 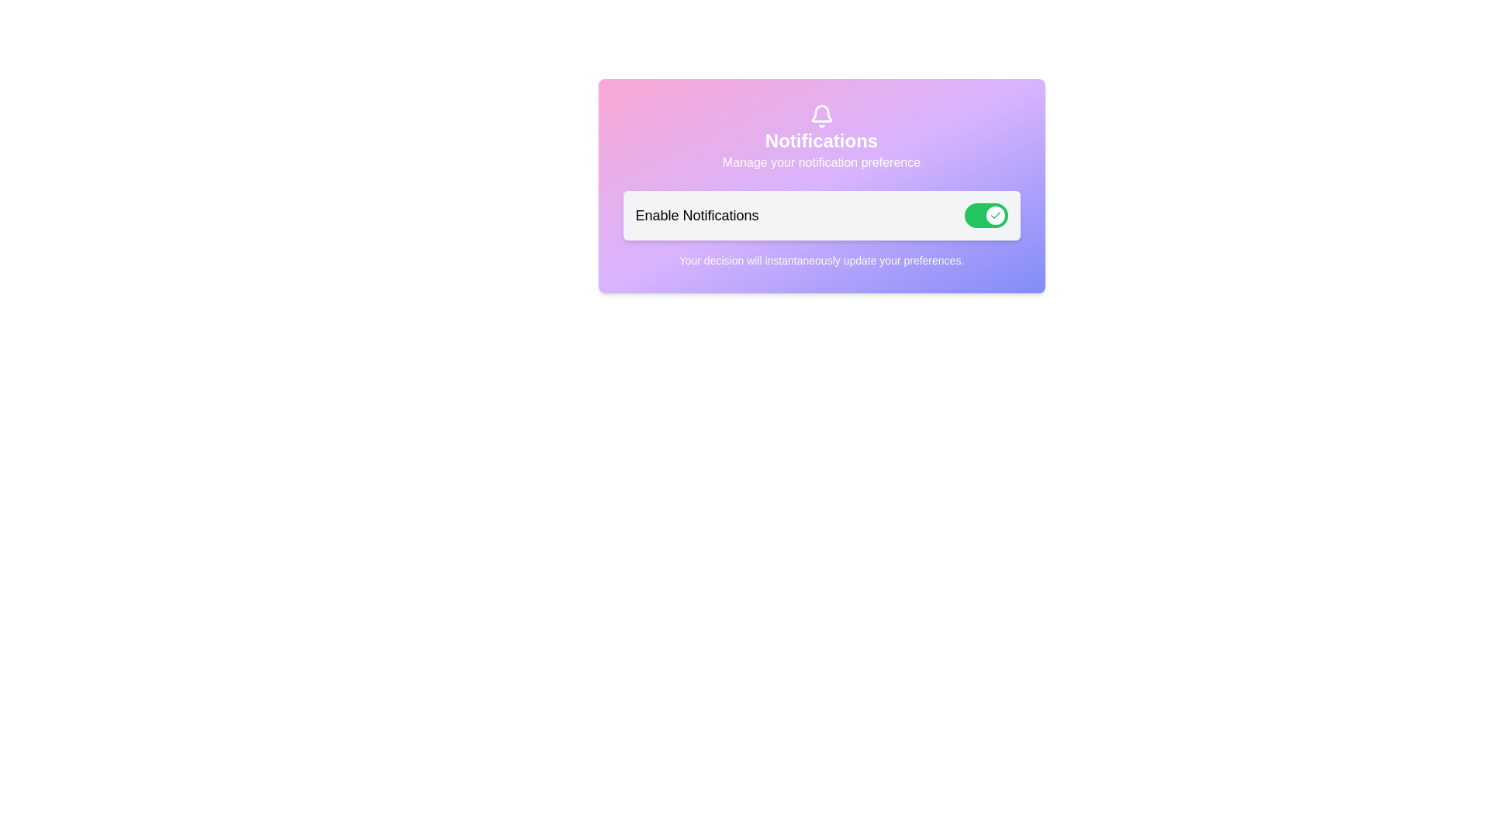 What do you see at coordinates (821, 116) in the screenshot?
I see `the notification icon located at the top center of the notification settings panel, above the text 'Notifications' and 'Manage your notification preference.'` at bounding box center [821, 116].